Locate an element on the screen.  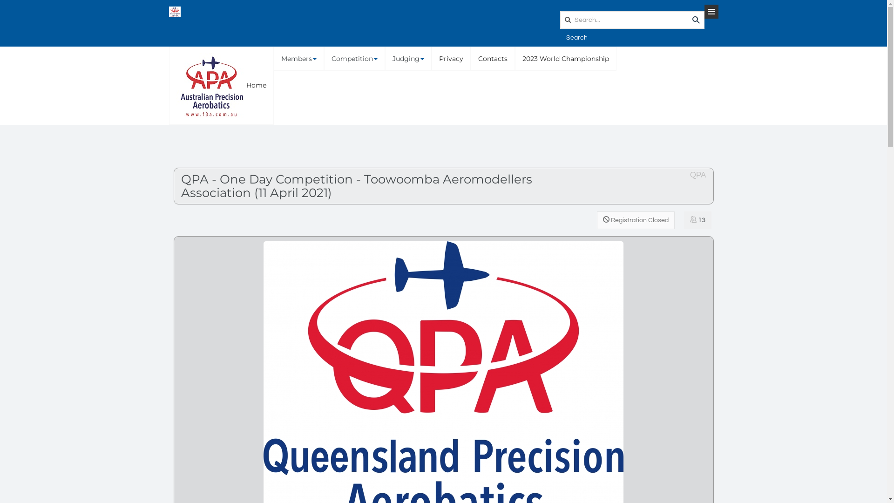
'Home' is located at coordinates (221, 86).